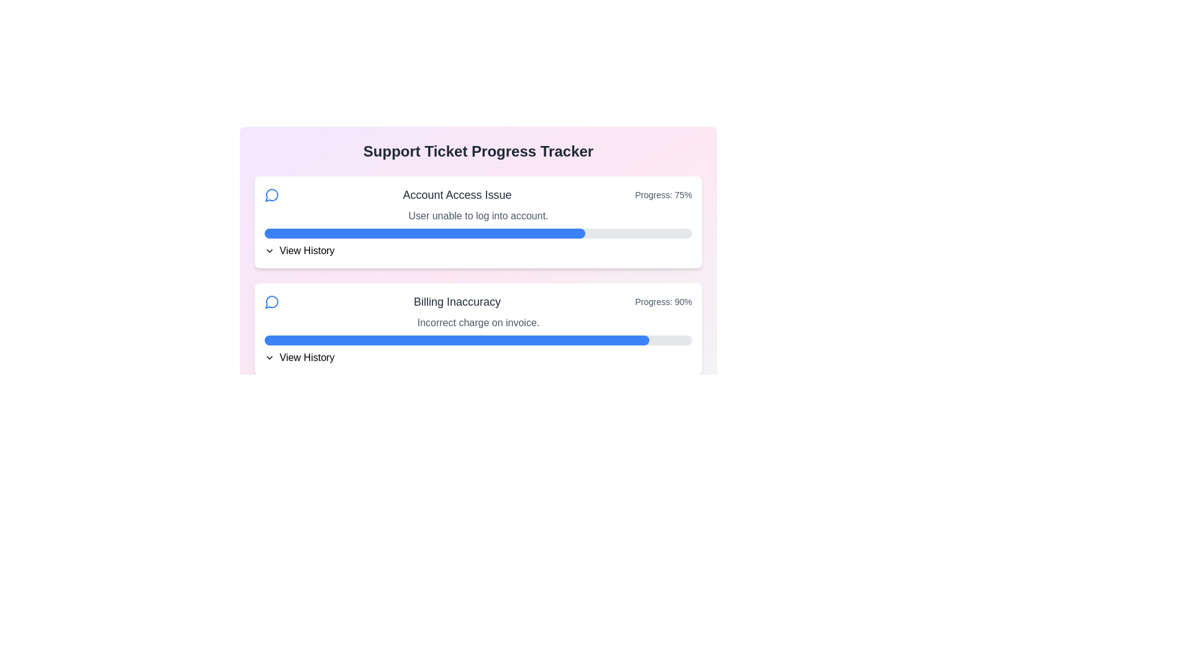 The image size is (1193, 671). I want to click on the collapsed dropdown labeled 'View History' in the 'Account Access Issue' section, so click(477, 251).